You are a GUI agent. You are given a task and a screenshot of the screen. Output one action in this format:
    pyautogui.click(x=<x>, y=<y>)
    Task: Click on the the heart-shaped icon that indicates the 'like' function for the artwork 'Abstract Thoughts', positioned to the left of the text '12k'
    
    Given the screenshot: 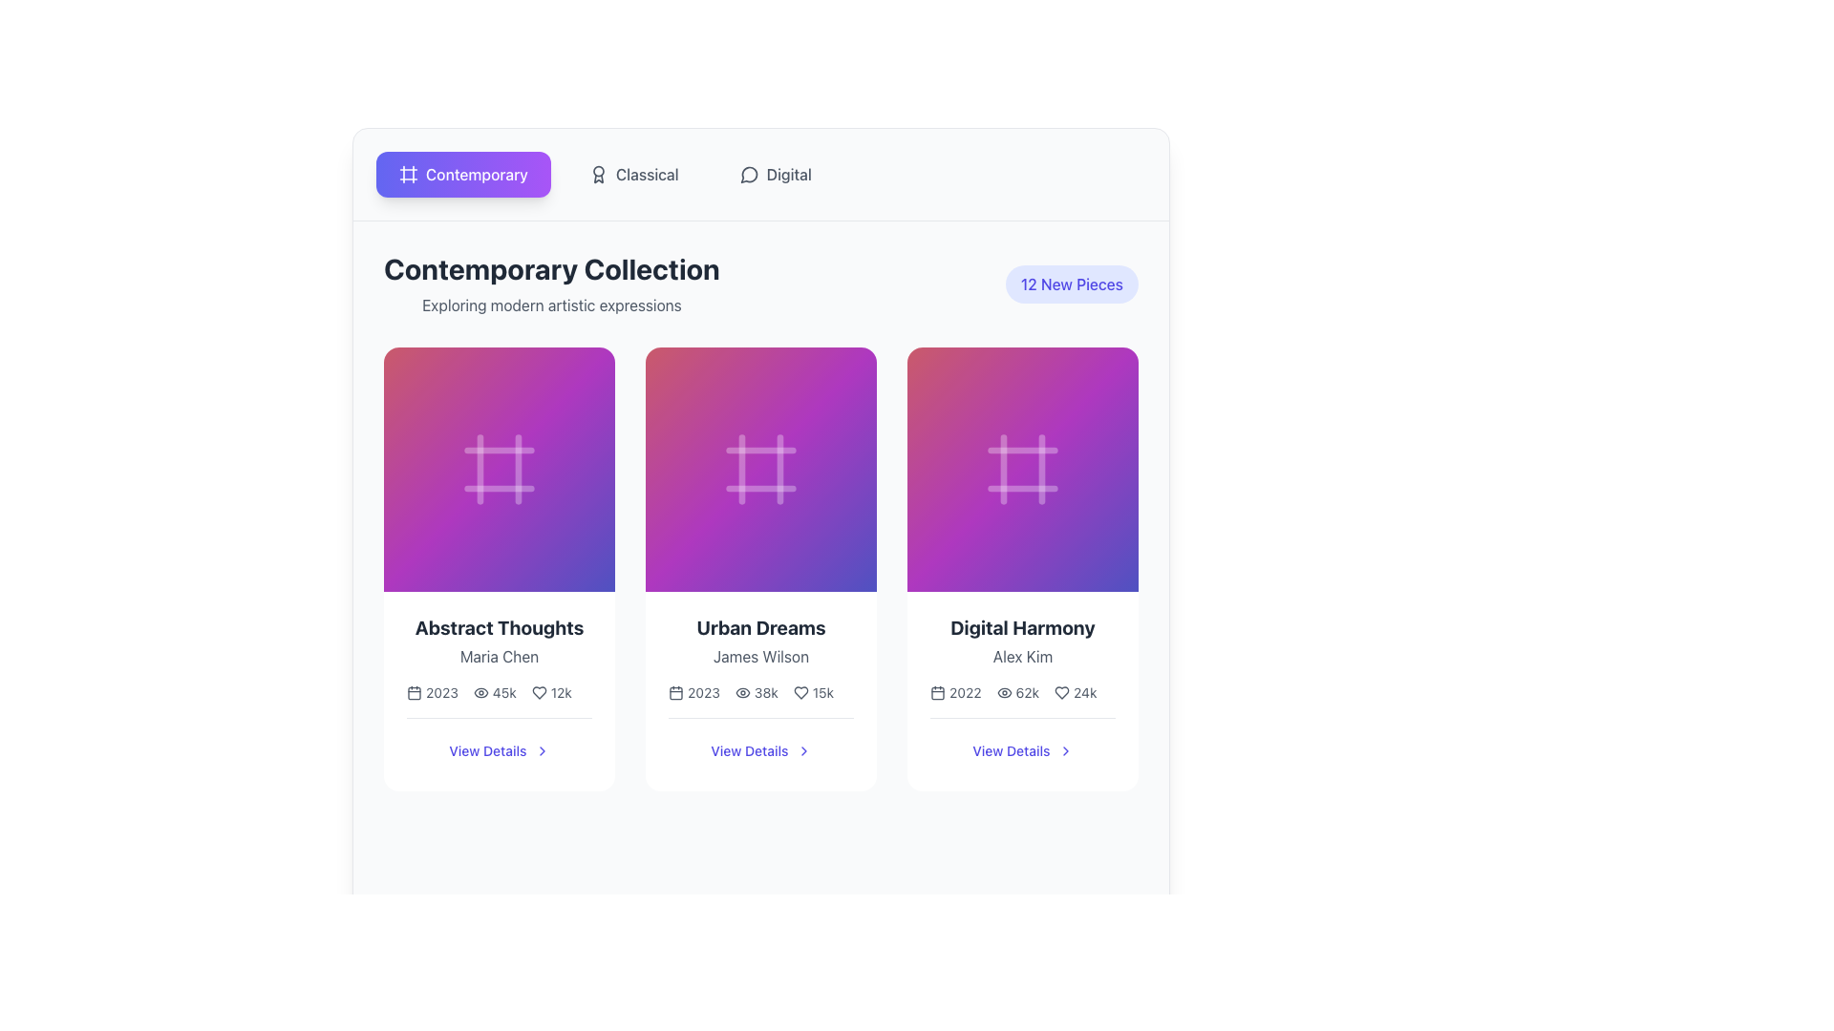 What is the action you would take?
    pyautogui.click(x=538, y=692)
    